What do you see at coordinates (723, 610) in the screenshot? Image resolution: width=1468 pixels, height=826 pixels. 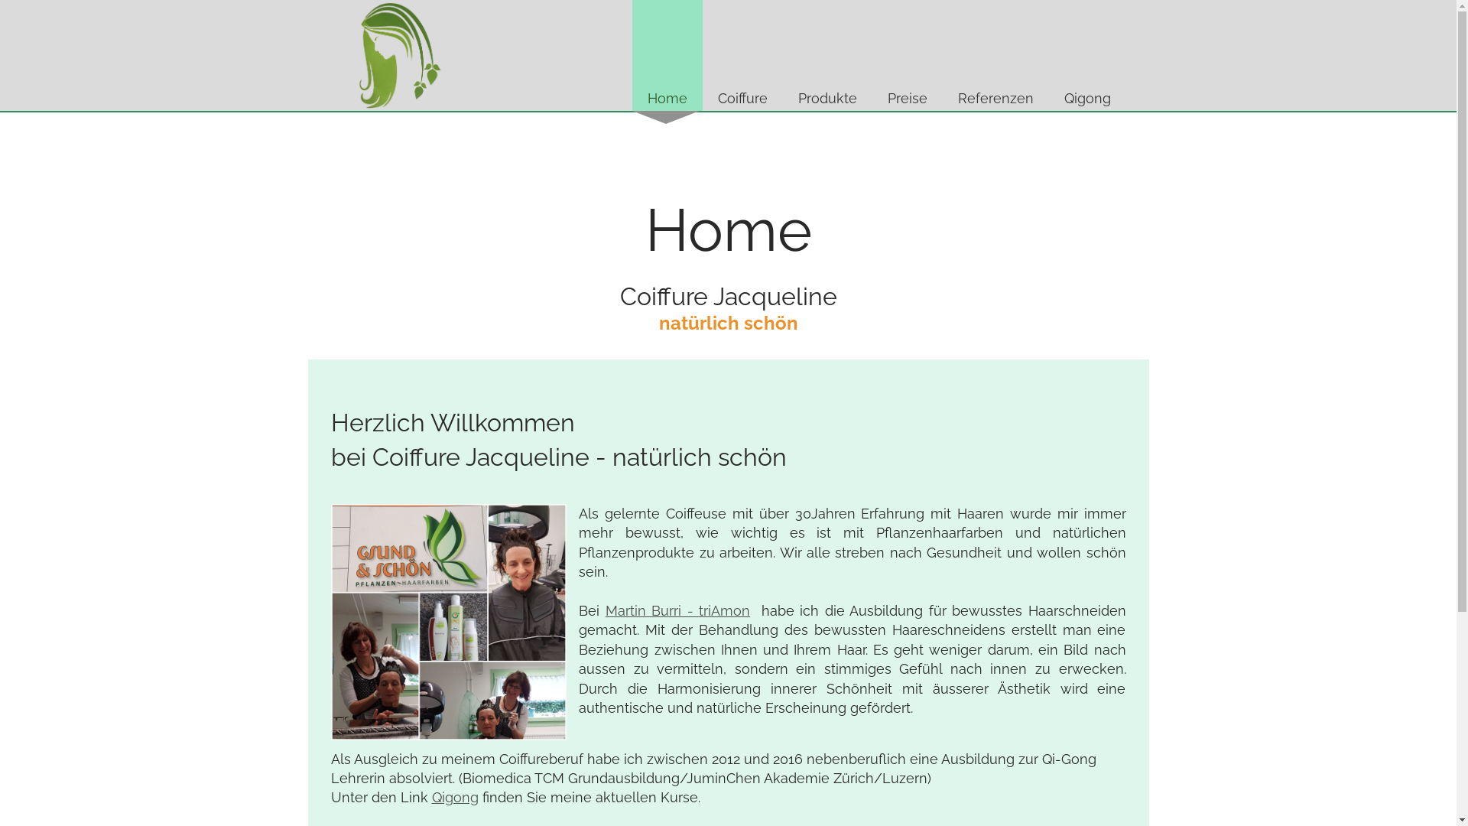 I see `'triAmon'` at bounding box center [723, 610].